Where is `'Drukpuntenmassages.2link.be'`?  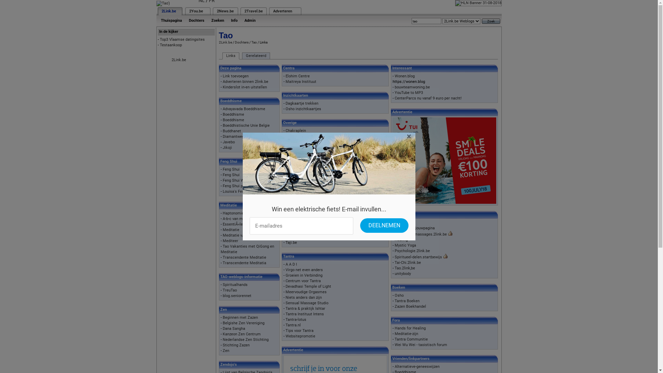
'Drukpuntenmassages.2link.be' is located at coordinates (420, 234).